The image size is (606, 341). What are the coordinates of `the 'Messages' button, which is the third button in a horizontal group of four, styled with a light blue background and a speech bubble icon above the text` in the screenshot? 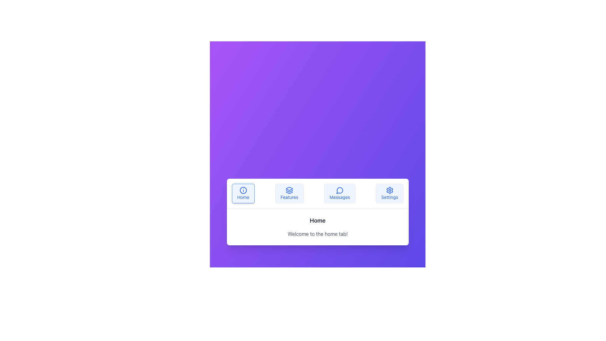 It's located at (339, 193).